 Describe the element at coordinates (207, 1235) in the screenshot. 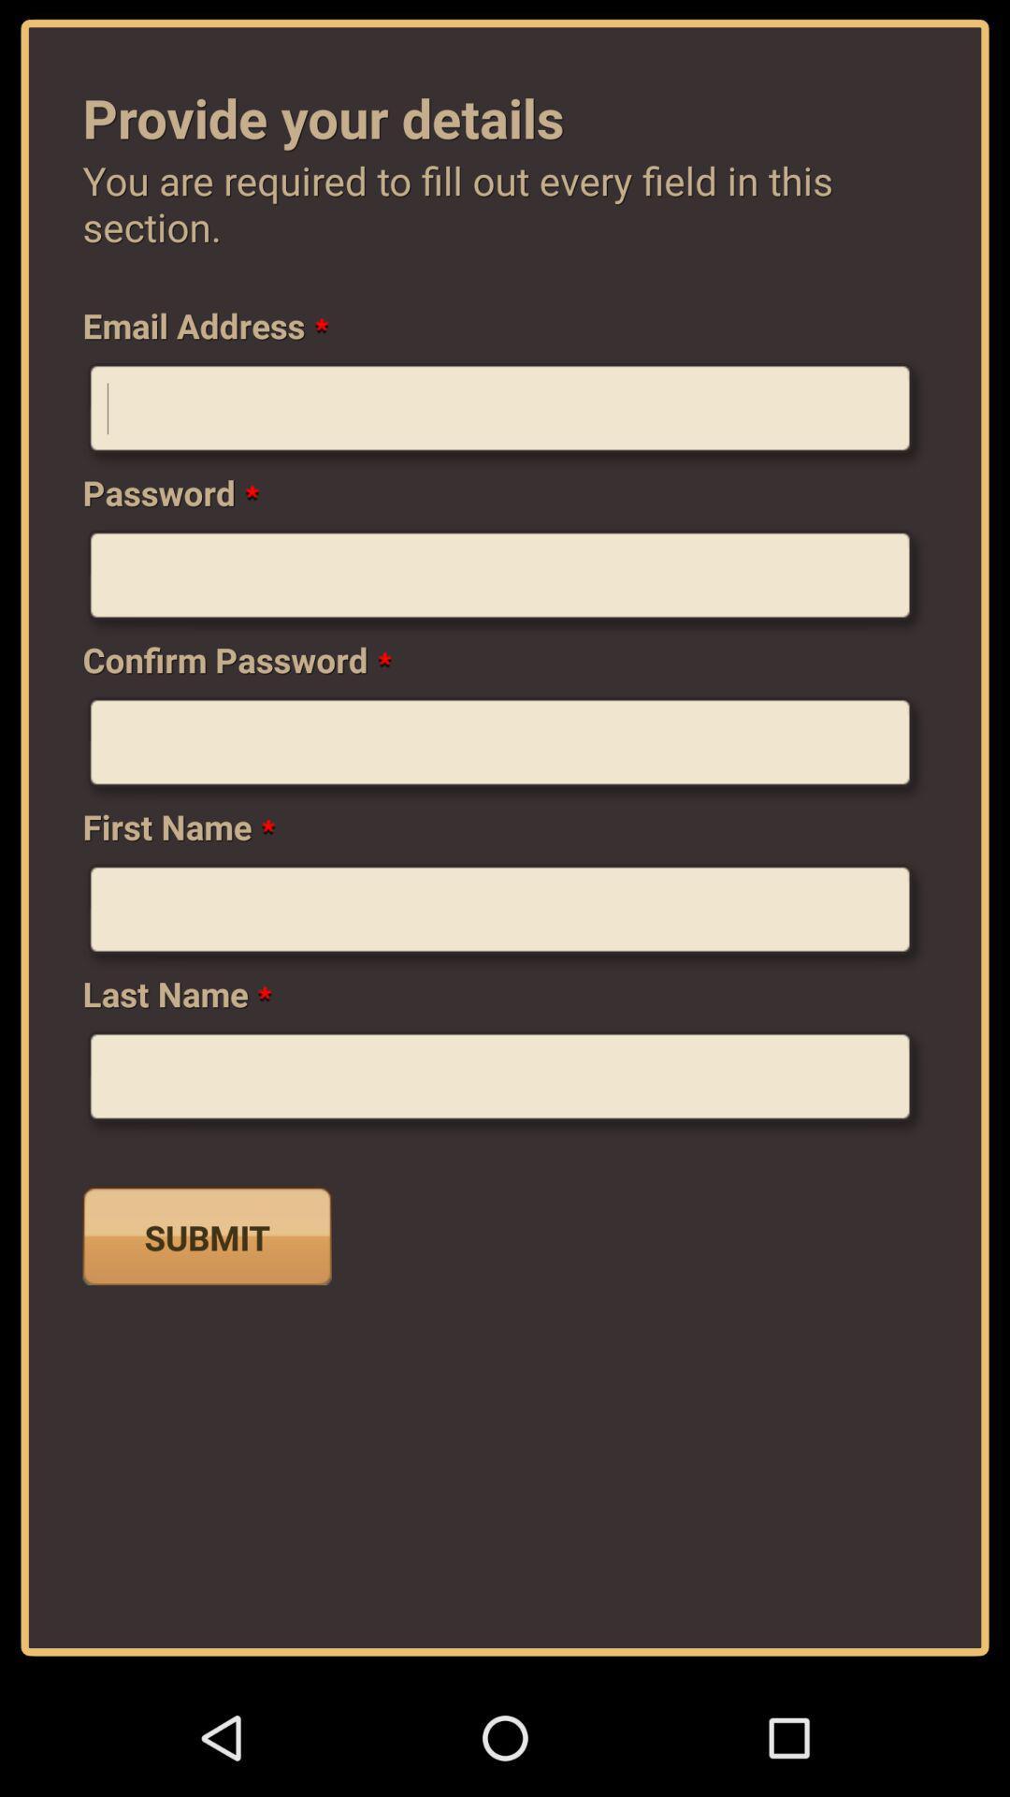

I see `submit item` at that location.